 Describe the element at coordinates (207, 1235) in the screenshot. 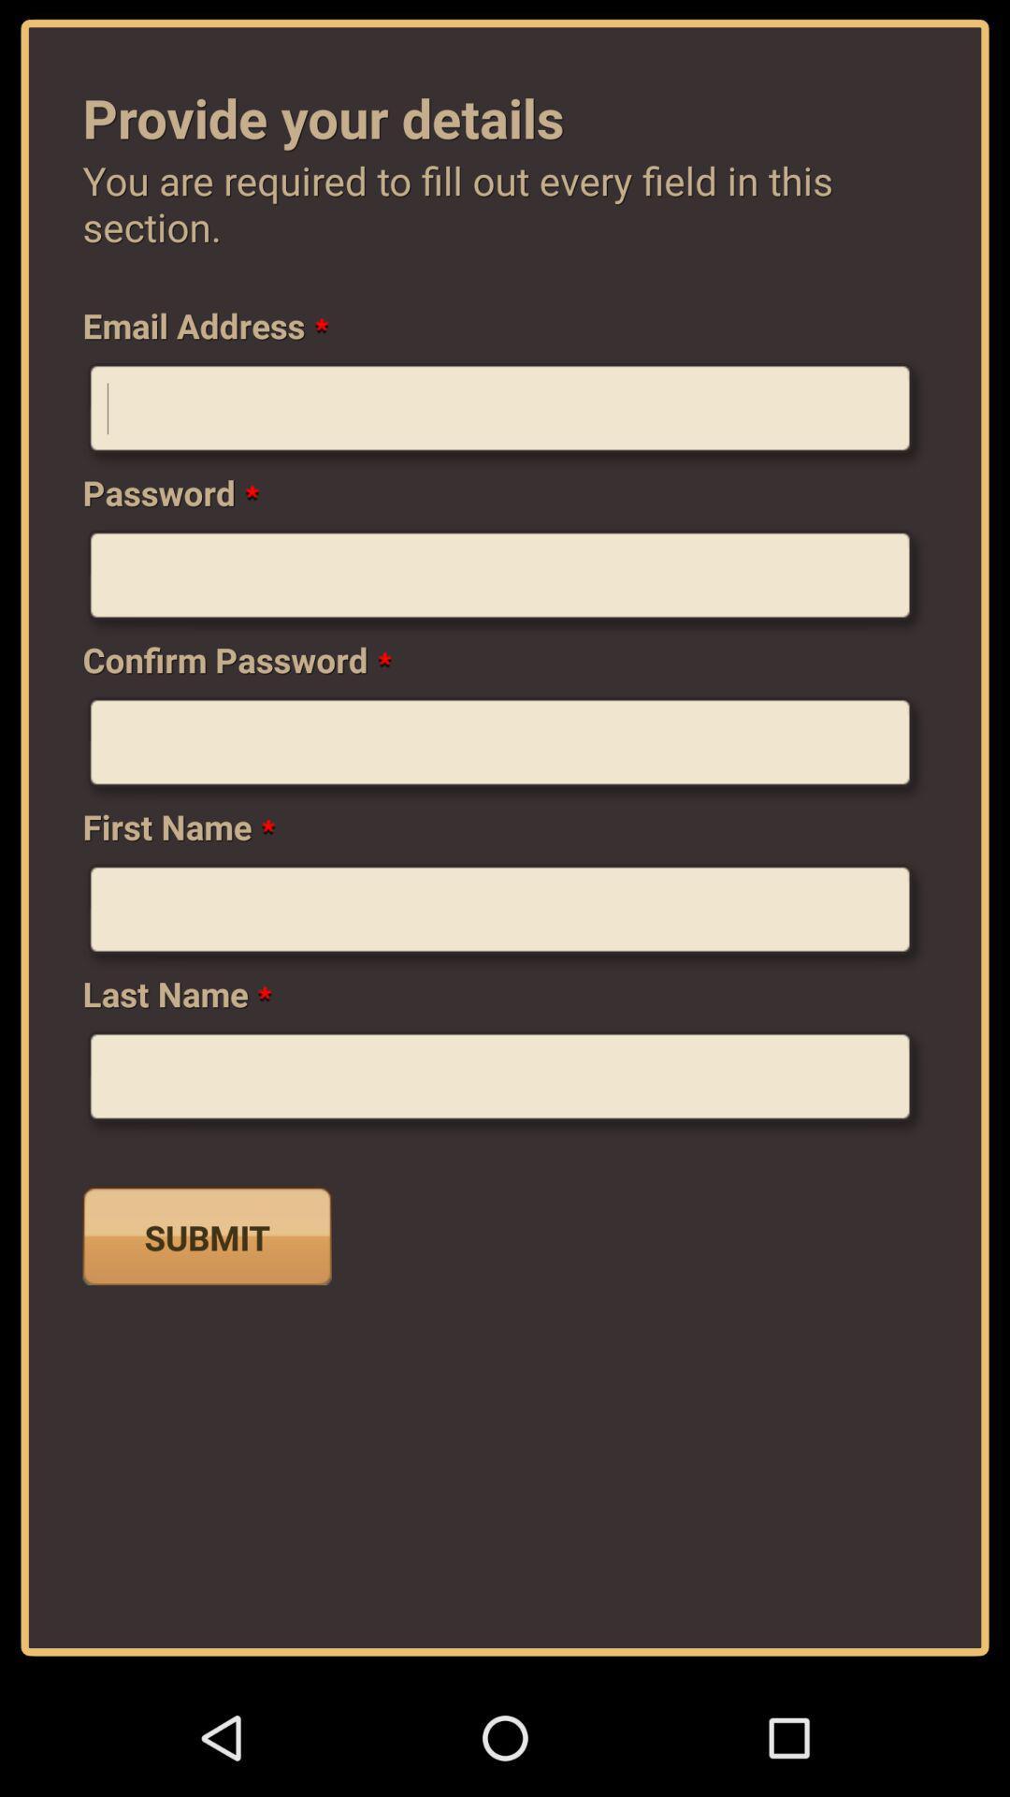

I see `submit item` at that location.